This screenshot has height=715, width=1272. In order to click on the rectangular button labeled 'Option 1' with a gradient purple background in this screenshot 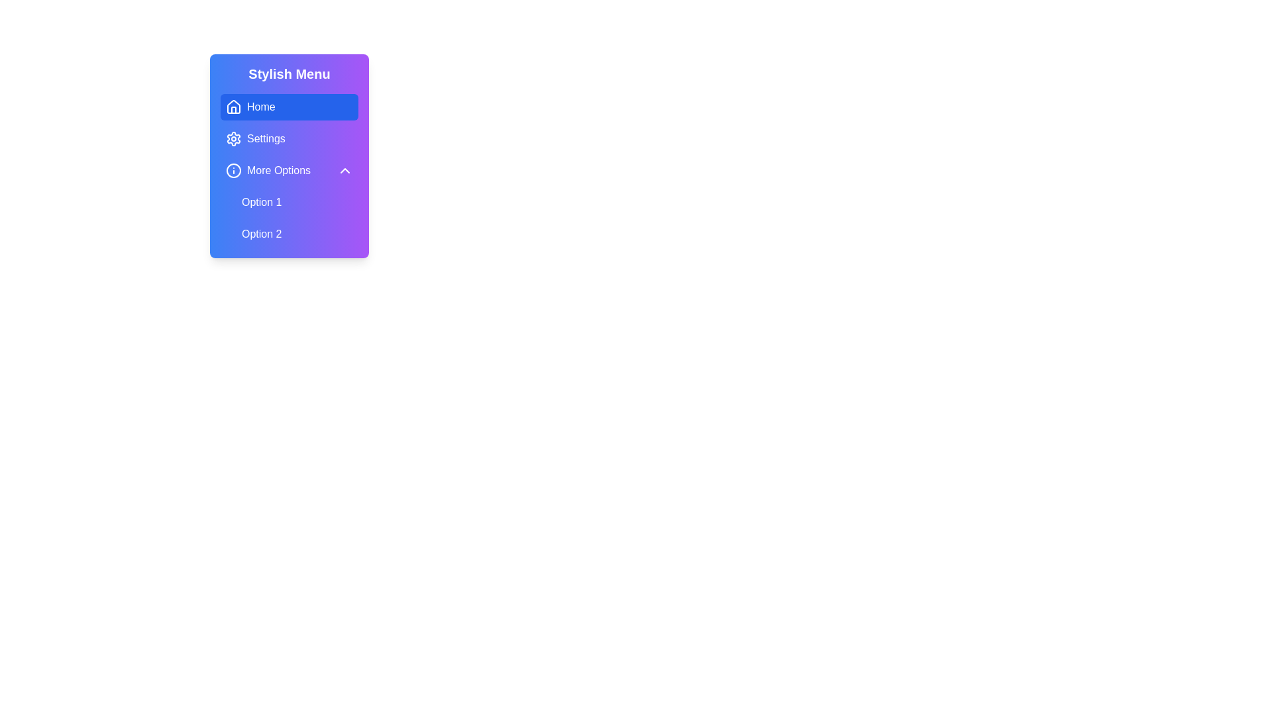, I will do `click(297, 202)`.